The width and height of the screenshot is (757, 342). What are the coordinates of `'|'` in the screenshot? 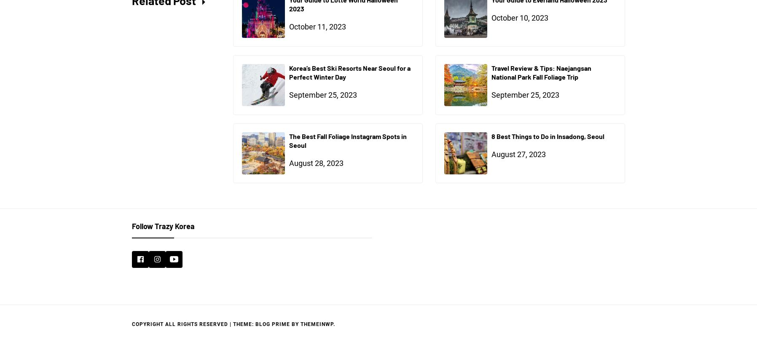 It's located at (231, 323).